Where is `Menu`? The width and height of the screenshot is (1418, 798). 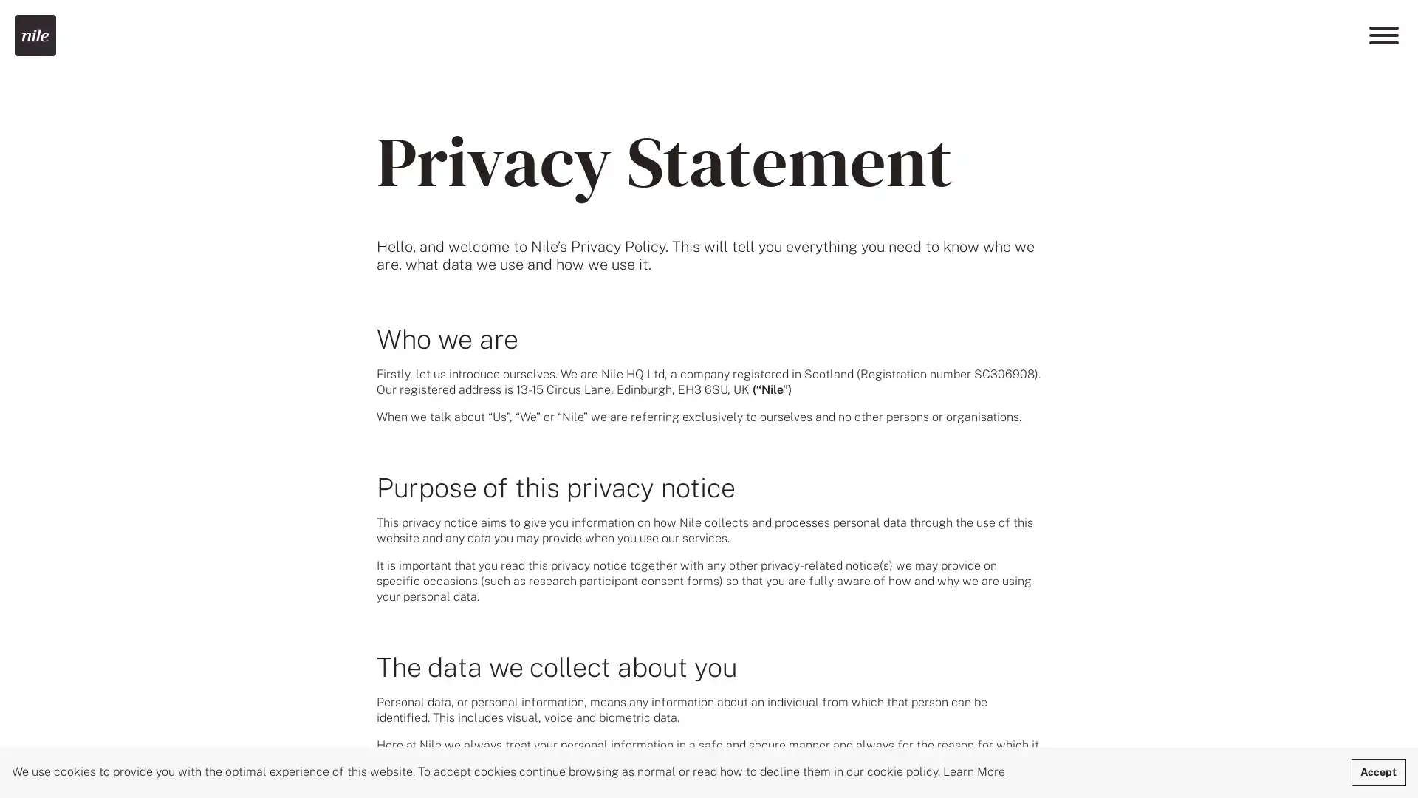
Menu is located at coordinates (1383, 34).